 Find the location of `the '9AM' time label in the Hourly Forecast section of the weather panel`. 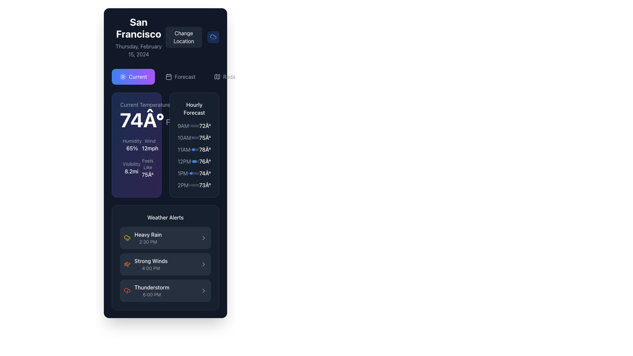

the '9AM' time label in the Hourly Forecast section of the weather panel is located at coordinates (183, 126).